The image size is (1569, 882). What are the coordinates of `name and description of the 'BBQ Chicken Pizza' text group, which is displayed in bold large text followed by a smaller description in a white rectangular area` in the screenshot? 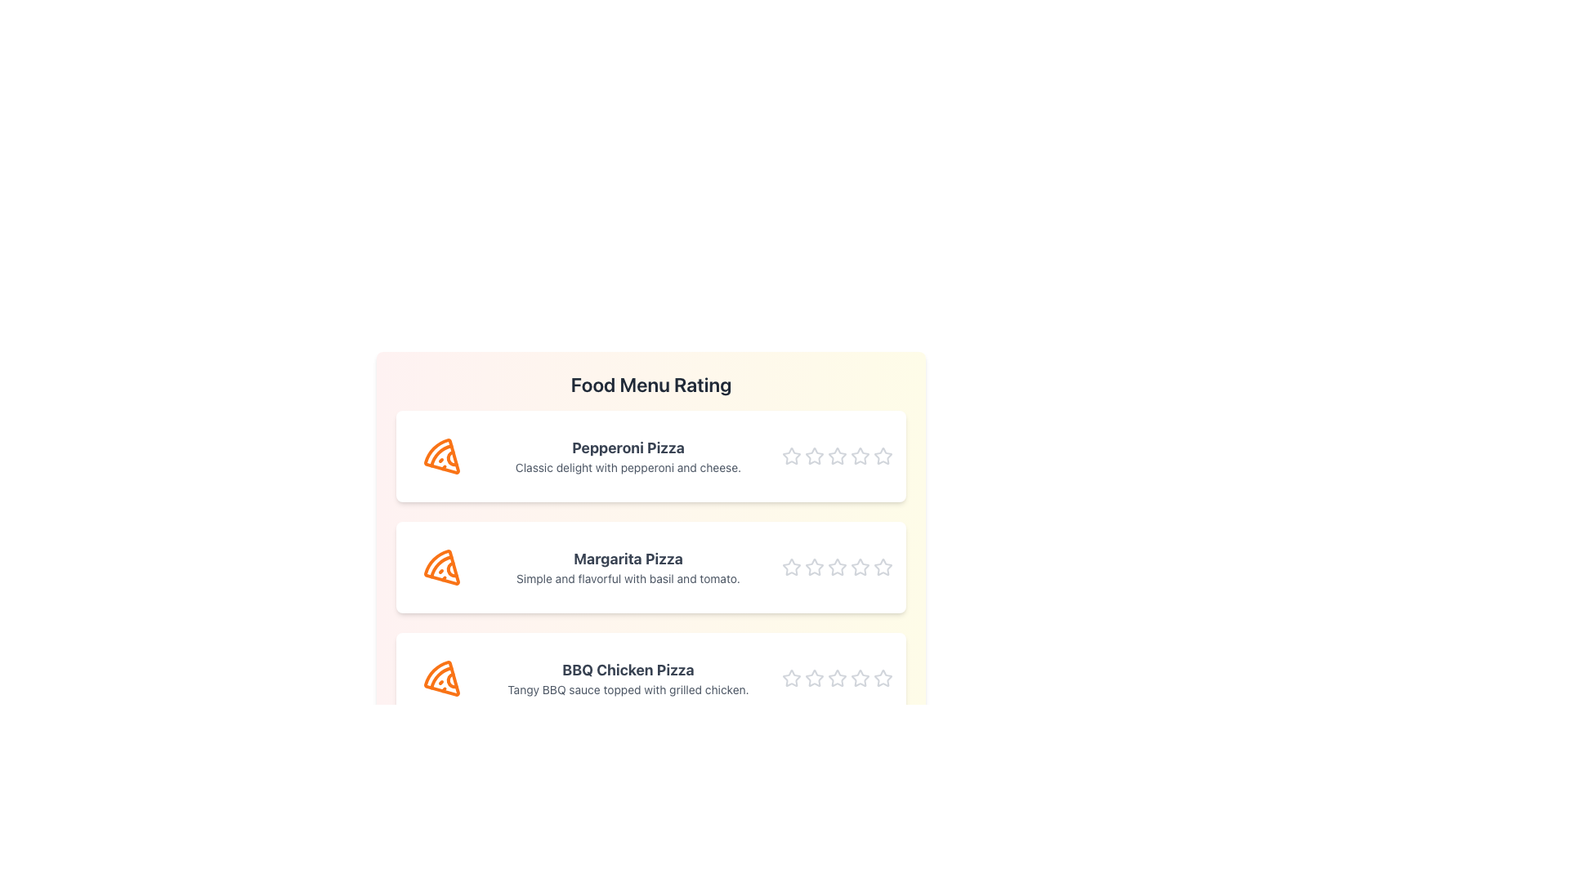 It's located at (627, 678).